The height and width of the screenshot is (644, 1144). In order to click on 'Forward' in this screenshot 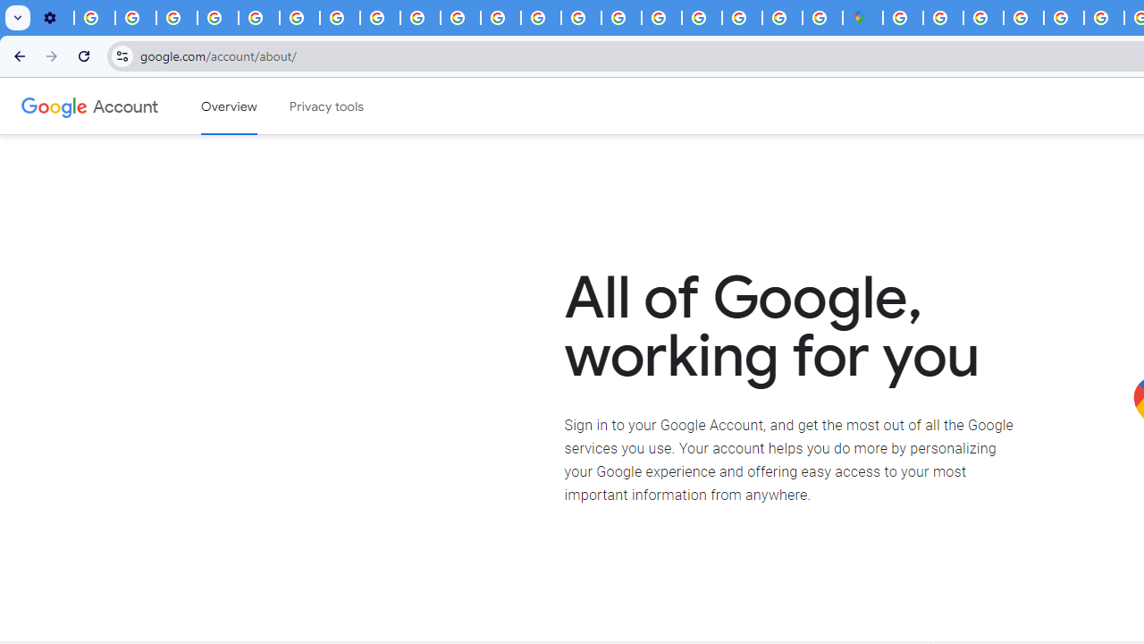, I will do `click(52, 55)`.